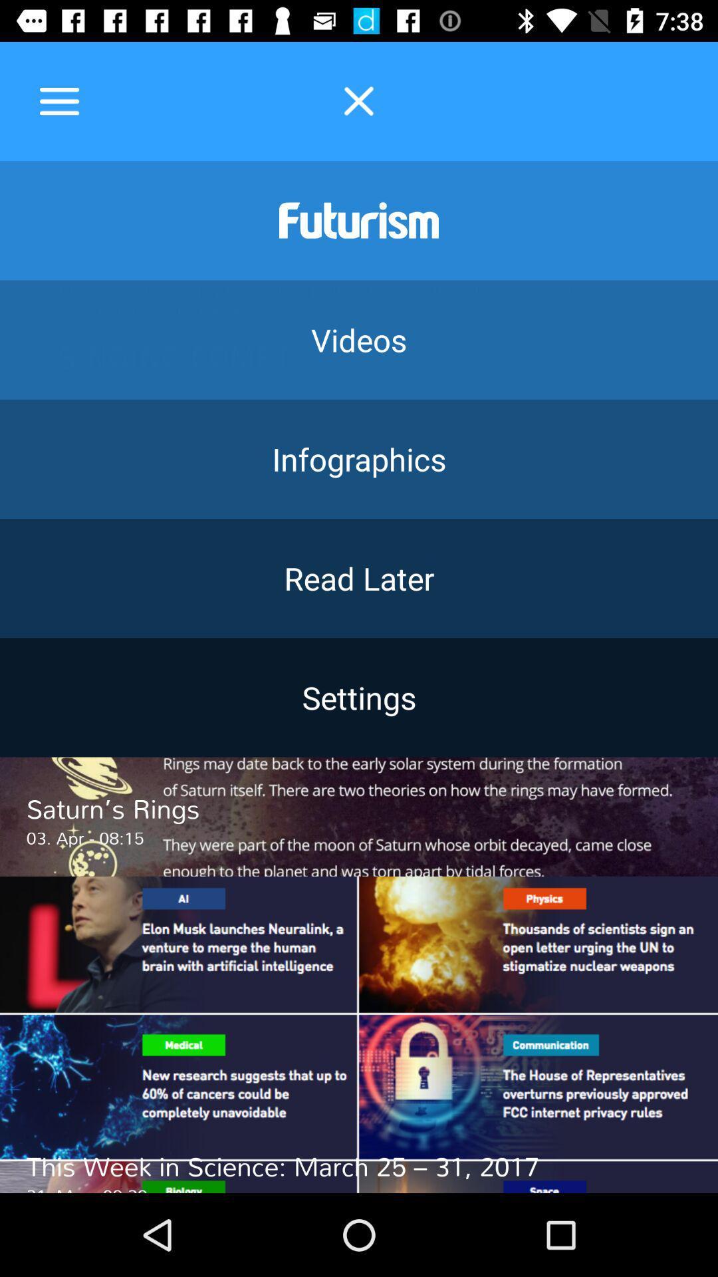  Describe the element at coordinates (59, 100) in the screenshot. I see `the menu icon` at that location.